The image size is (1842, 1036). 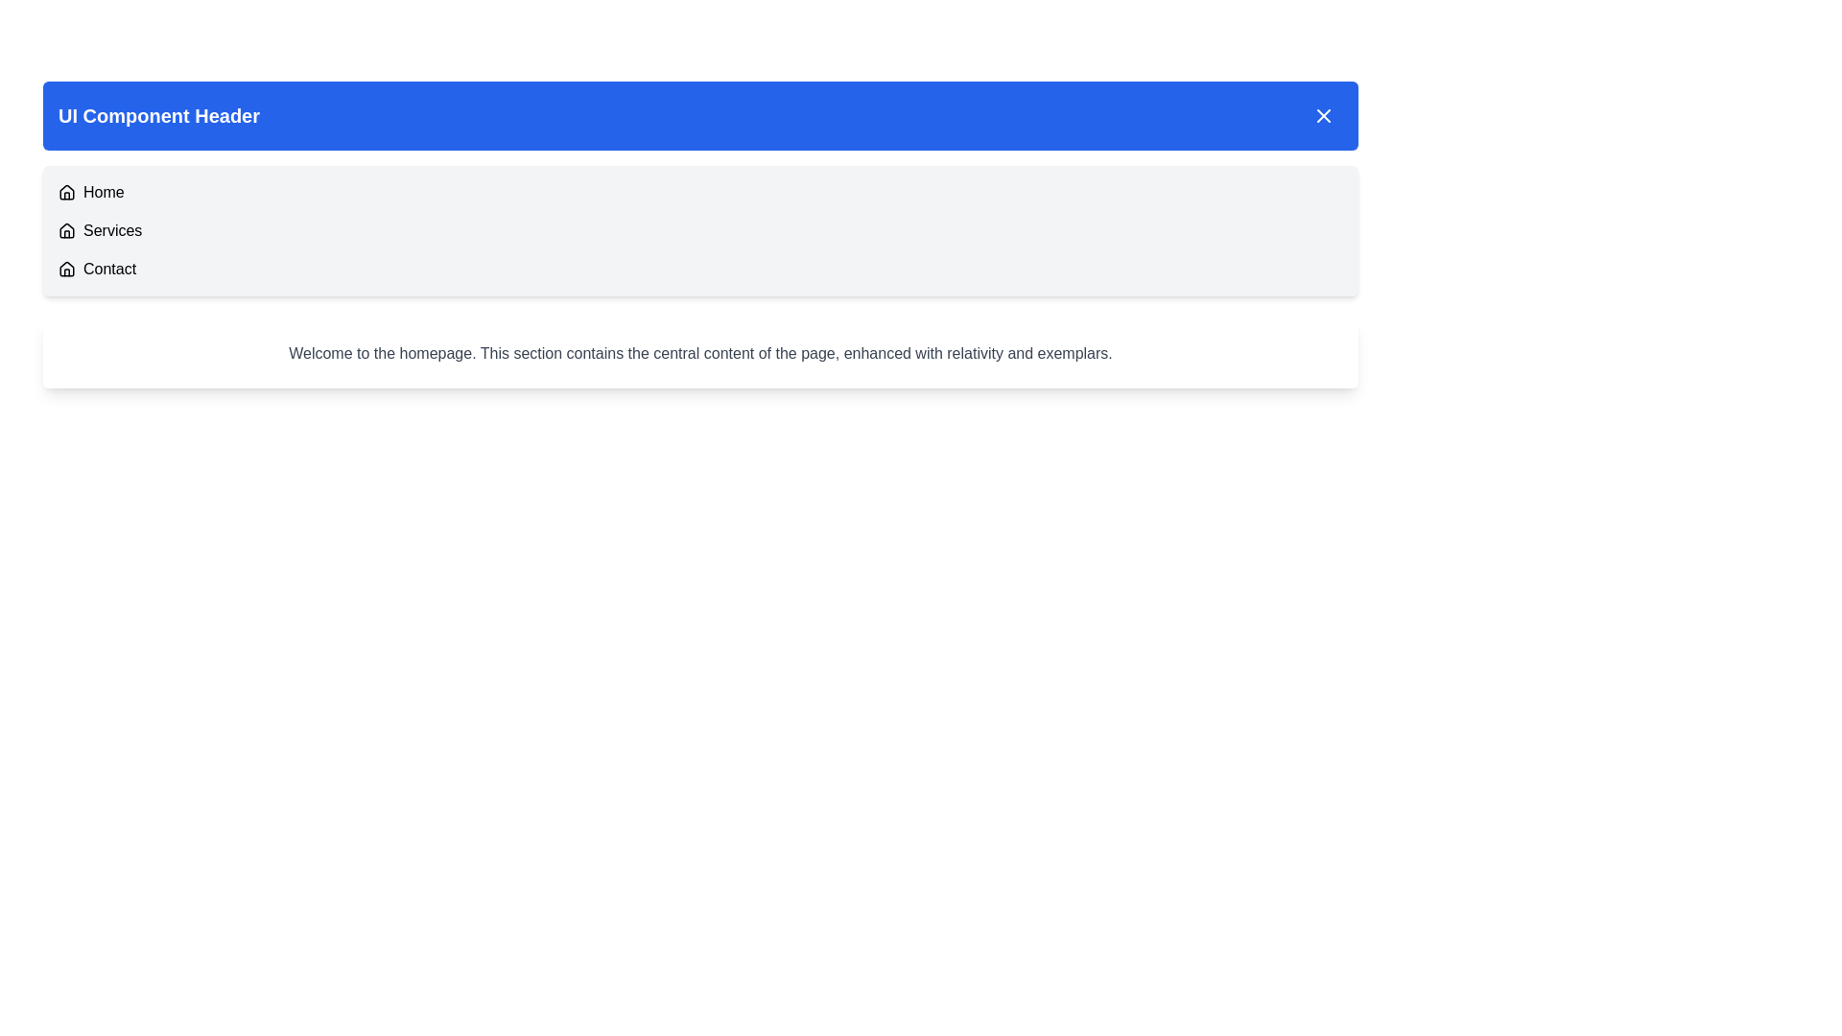 What do you see at coordinates (108, 270) in the screenshot?
I see `the 'Contact' text label in the vertical menu list, which is the last item below 'Home' and 'Services'` at bounding box center [108, 270].